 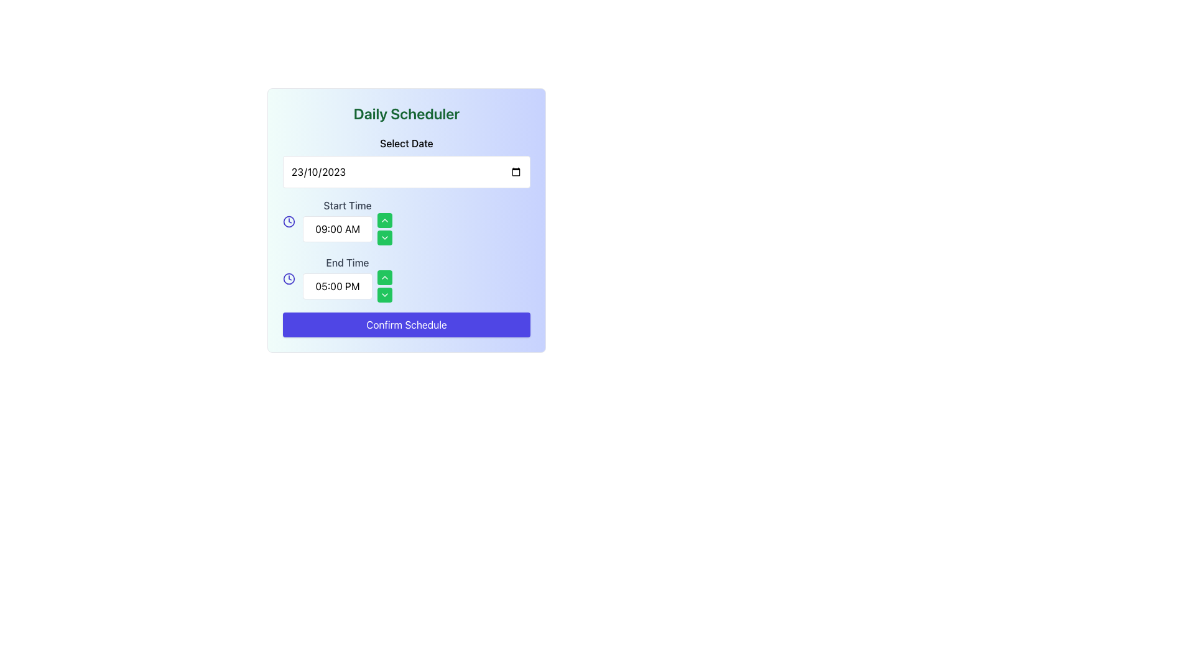 I want to click on the upward arrow of the Time Picker to increase the start time for the schedule, which is located below the title 'Daily Scheduler', so click(x=347, y=221).